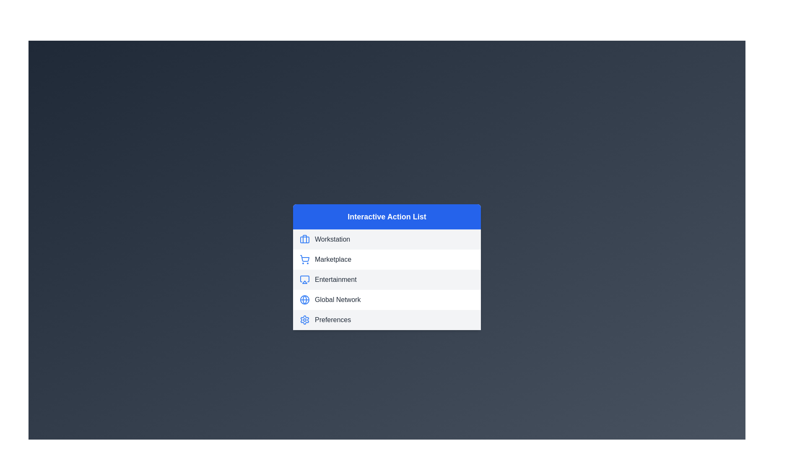 The width and height of the screenshot is (805, 453). Describe the element at coordinates (304, 299) in the screenshot. I see `the globe icon with a circular outline and intersecting lines, located next to the 'Global Network' text label in the 'Interactive Action List' section` at that location.